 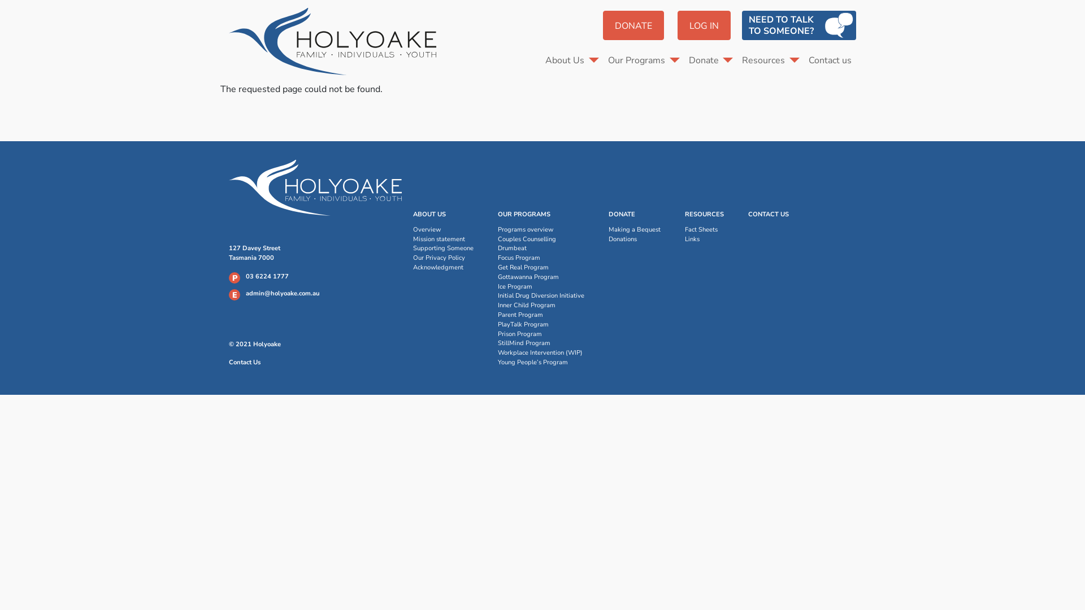 I want to click on 'LOG IN', so click(x=704, y=25).